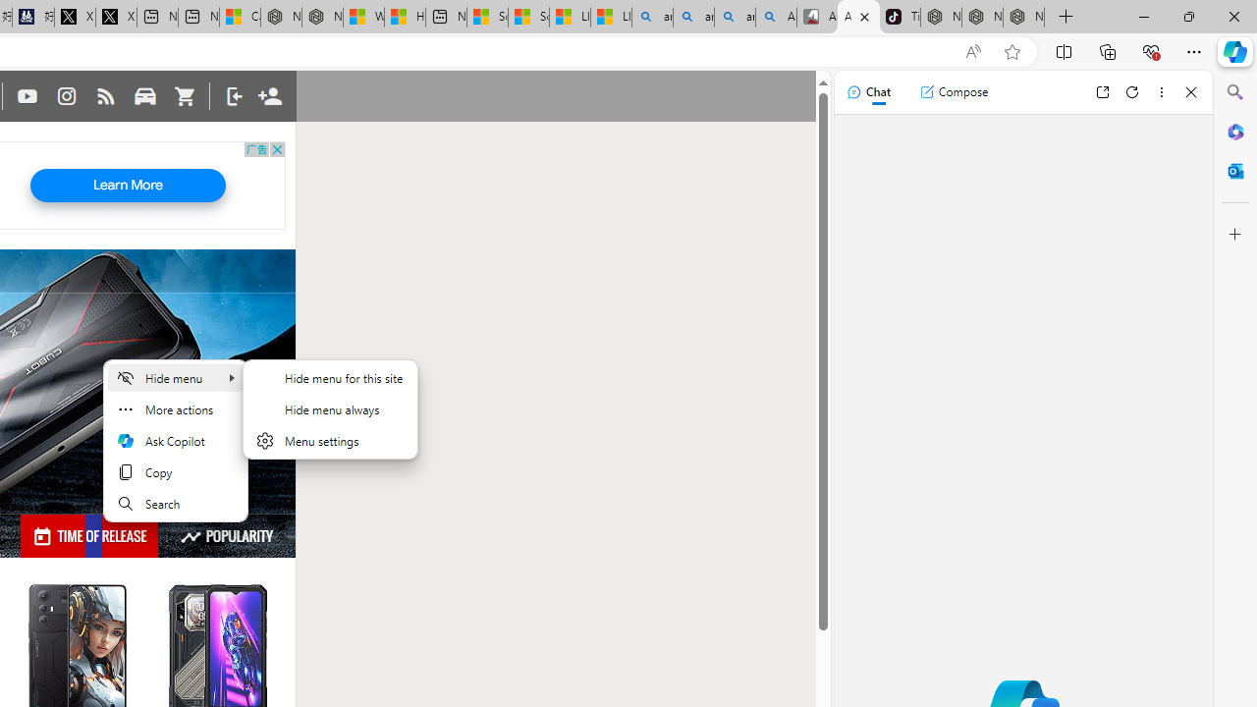 The image size is (1257, 707). What do you see at coordinates (404, 17) in the screenshot?
I see `'Huge shark washes ashore at New York City beach | Watch'` at bounding box center [404, 17].